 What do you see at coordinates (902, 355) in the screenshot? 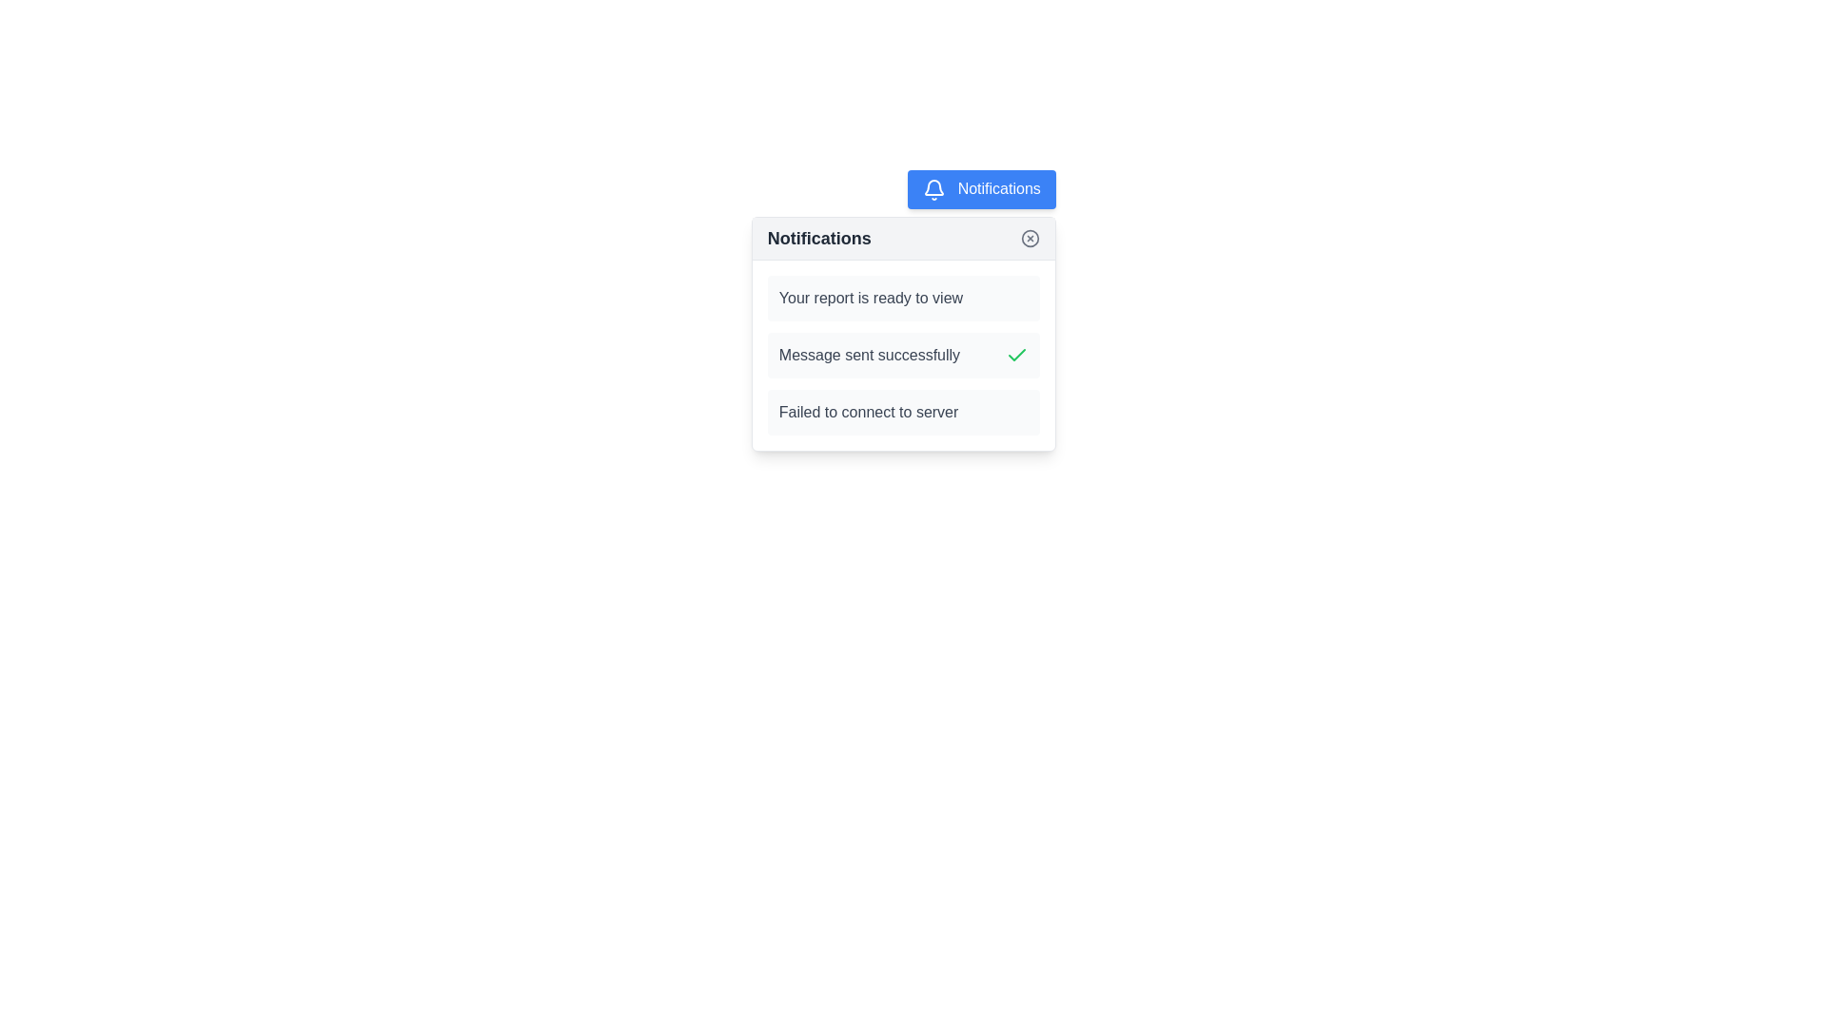
I see `message displayed in the Status notification card located beneath the 'Your report is ready to view' notification` at bounding box center [902, 355].